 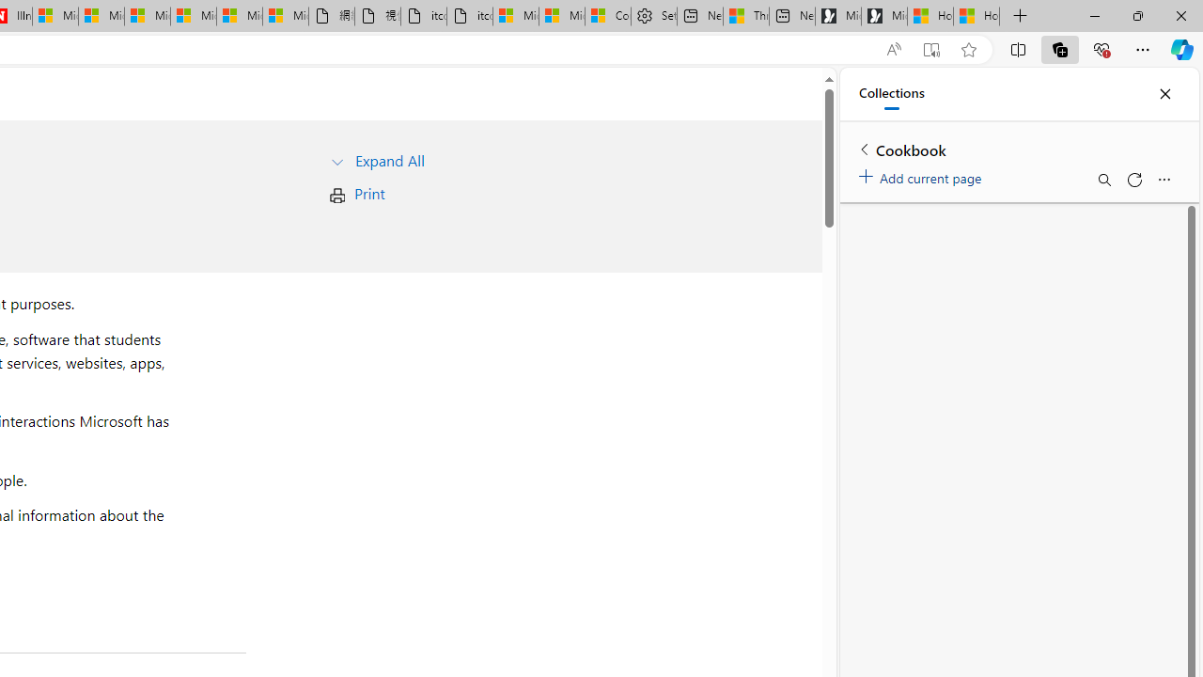 What do you see at coordinates (976, 16) in the screenshot?
I see `'How to Use a TV as a Computer Monitor'` at bounding box center [976, 16].